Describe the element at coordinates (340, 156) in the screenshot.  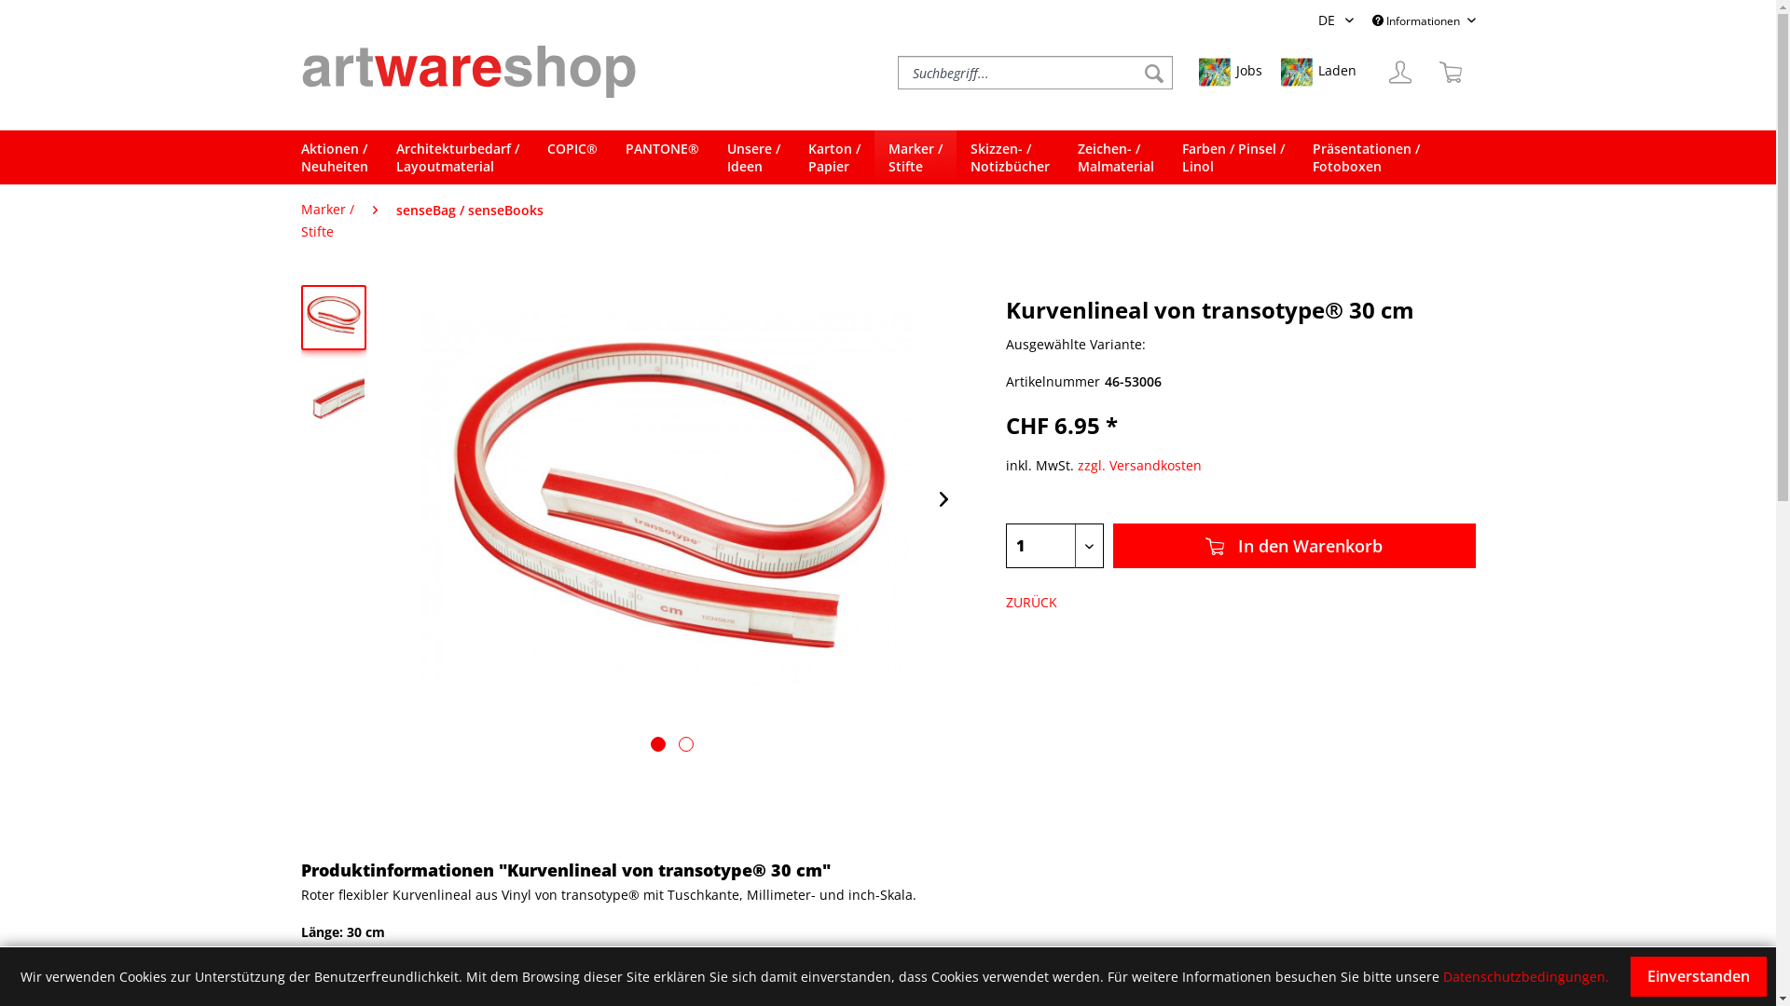
I see `'Aktionen /` at that location.